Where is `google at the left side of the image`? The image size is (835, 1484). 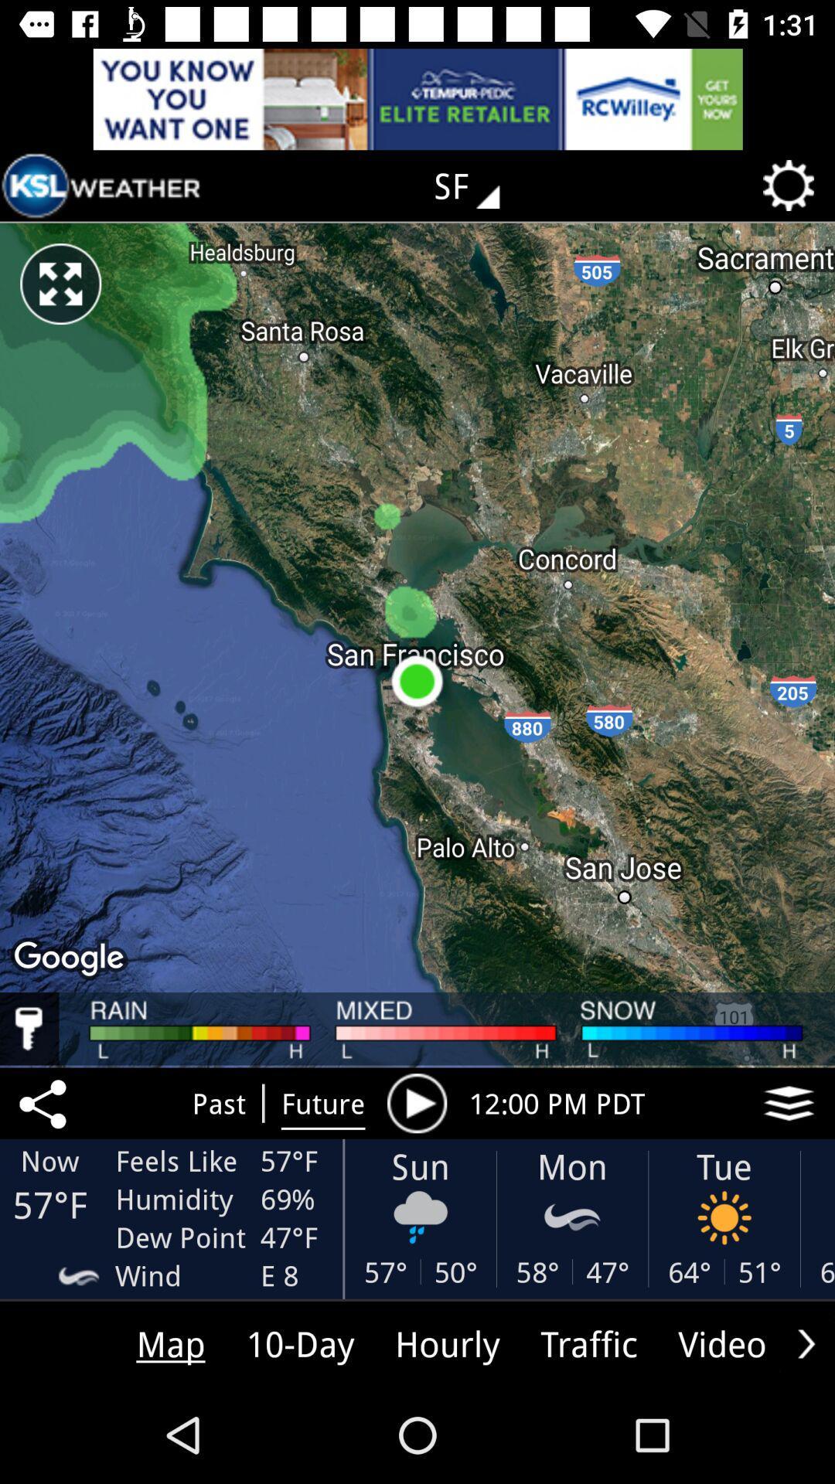 google at the left side of the image is located at coordinates (71, 959).